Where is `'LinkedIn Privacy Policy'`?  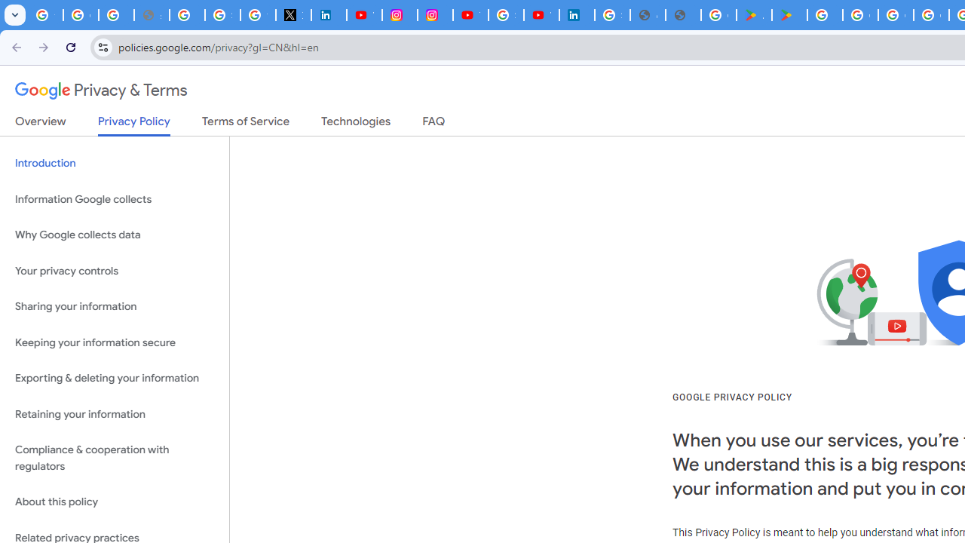 'LinkedIn Privacy Policy' is located at coordinates (328, 15).